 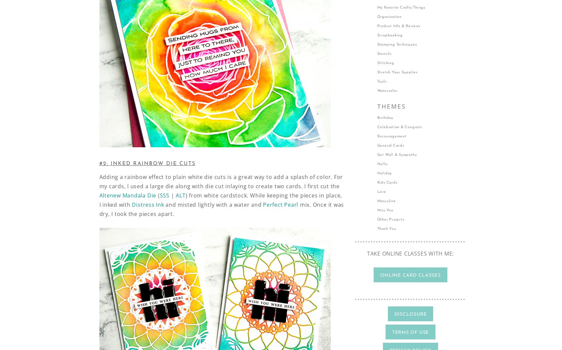 What do you see at coordinates (99, 182) in the screenshot?
I see `'Adding a rainbow effect to plain white die cuts is a great way to add a splash of color. For my cards, I used a large die along with die cut inlaying to create two cards. I first cut the'` at bounding box center [99, 182].